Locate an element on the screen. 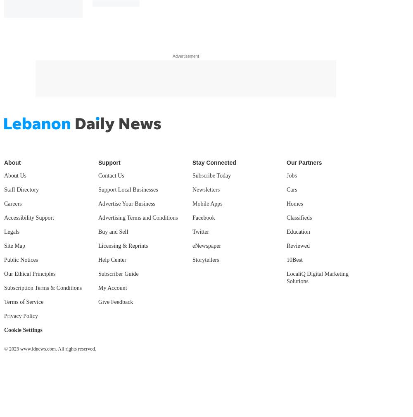 The width and height of the screenshot is (413, 417). 'Legals' is located at coordinates (12, 231).